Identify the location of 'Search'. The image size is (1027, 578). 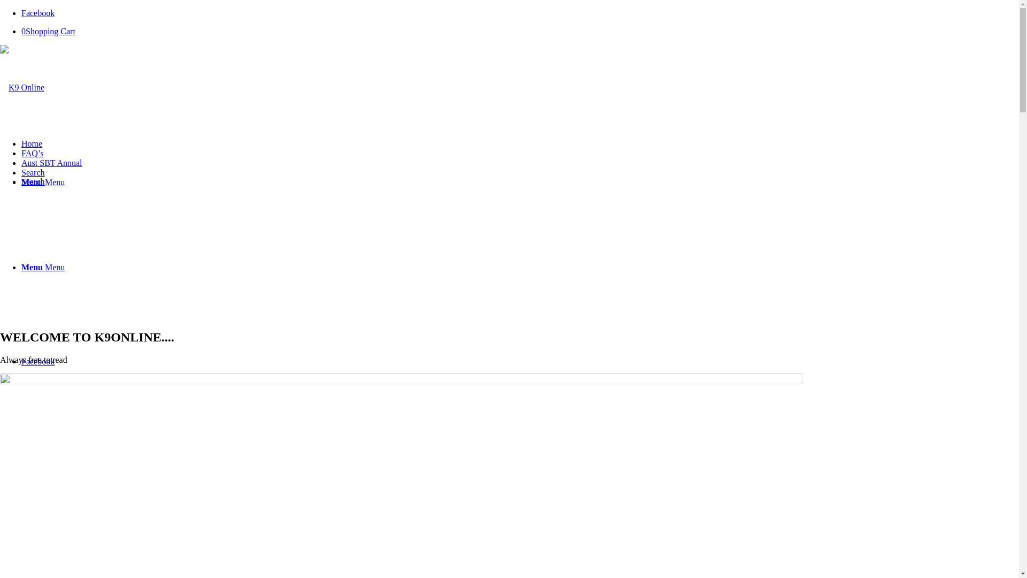
(33, 181).